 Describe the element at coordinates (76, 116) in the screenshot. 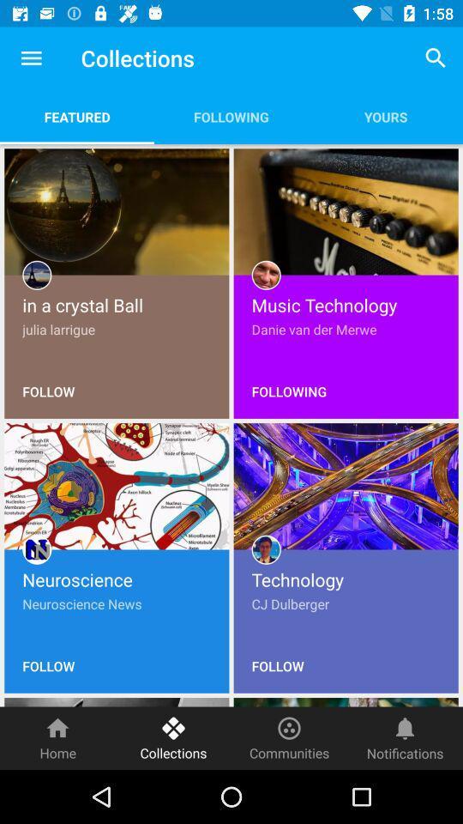

I see `icon next to following app` at that location.